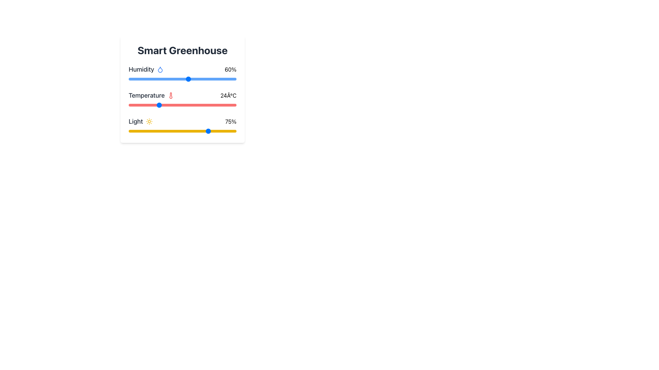  What do you see at coordinates (183, 131) in the screenshot?
I see `the yellow range slider indicating a value of 75% under the 'Light' label` at bounding box center [183, 131].